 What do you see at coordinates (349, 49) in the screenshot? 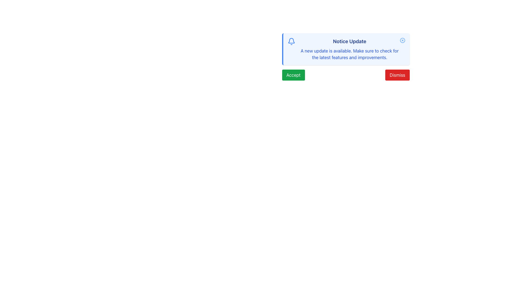
I see `informational message displayed in the central notification area about the software update` at bounding box center [349, 49].